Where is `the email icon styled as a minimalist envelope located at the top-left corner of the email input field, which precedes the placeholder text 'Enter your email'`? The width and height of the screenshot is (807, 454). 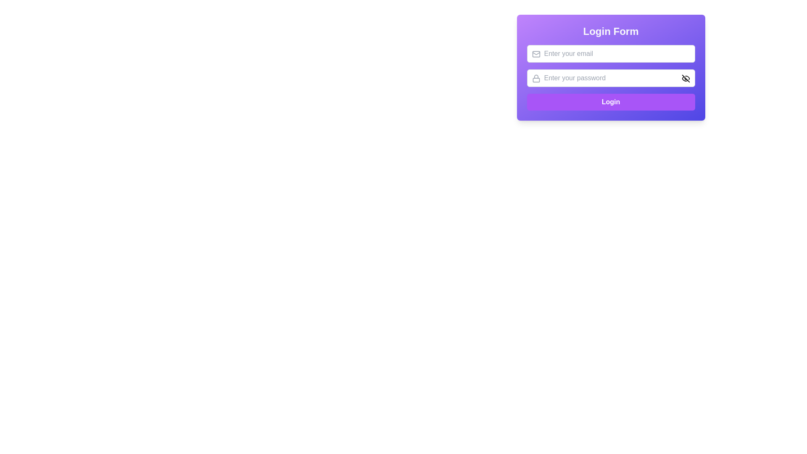
the email icon styled as a minimalist envelope located at the top-left corner of the email input field, which precedes the placeholder text 'Enter your email' is located at coordinates (535, 54).